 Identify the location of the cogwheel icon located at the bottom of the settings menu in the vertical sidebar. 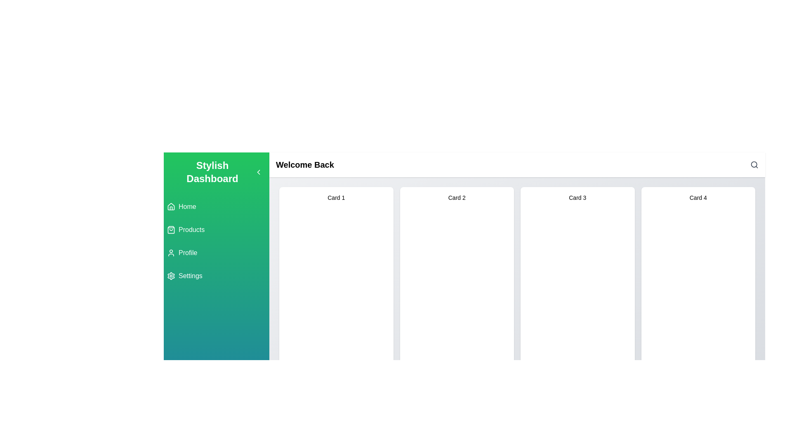
(170, 276).